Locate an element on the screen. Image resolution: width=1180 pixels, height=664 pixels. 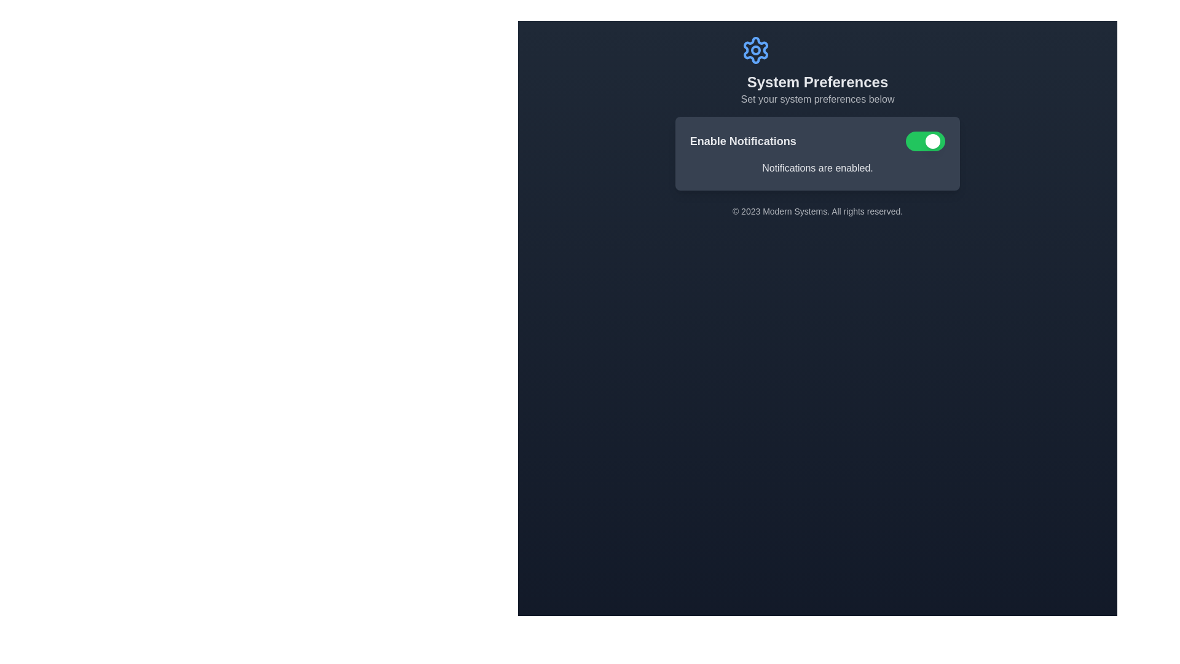
the Static Text Label that reads 'Set your system preferences below', located directly beneath the 'System Preferences' heading is located at coordinates (817, 99).